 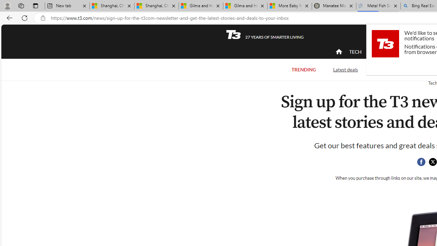 I want to click on 't3.com Logo', so click(x=385, y=43).